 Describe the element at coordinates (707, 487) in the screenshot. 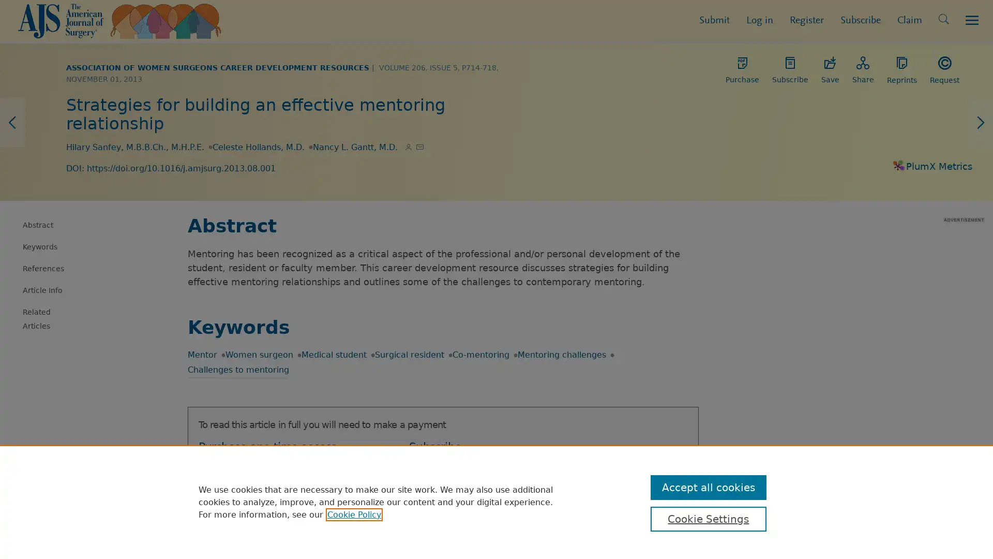

I see `Accept all cookies` at that location.